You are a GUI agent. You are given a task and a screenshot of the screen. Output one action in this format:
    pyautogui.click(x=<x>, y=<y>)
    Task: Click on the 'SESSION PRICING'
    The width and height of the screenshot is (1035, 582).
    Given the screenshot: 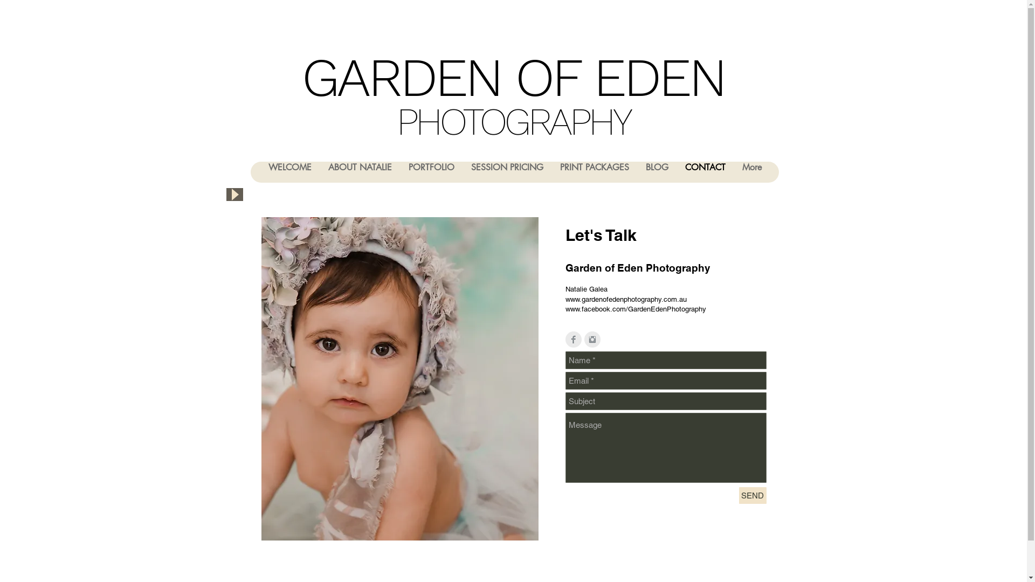 What is the action you would take?
    pyautogui.click(x=463, y=171)
    